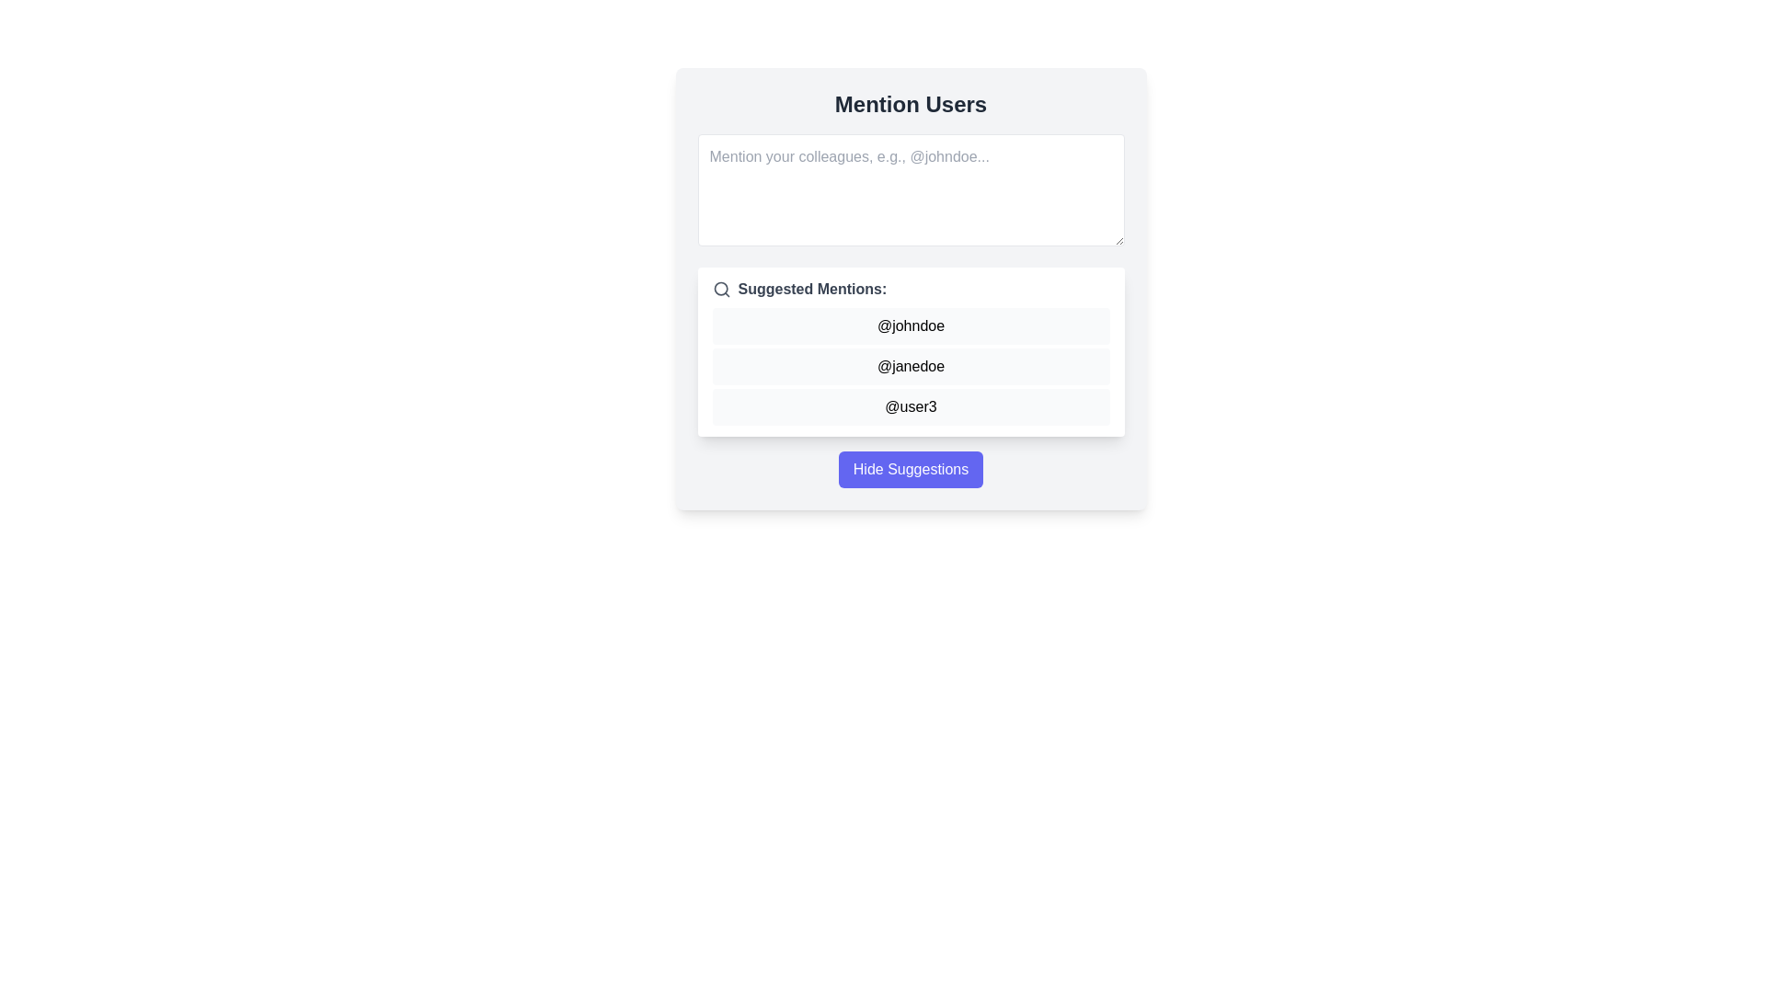  Describe the element at coordinates (911, 325) in the screenshot. I see `the selectable text entry '@johndoe' which is the first item in the list for tagging or mentioning purposes` at that location.